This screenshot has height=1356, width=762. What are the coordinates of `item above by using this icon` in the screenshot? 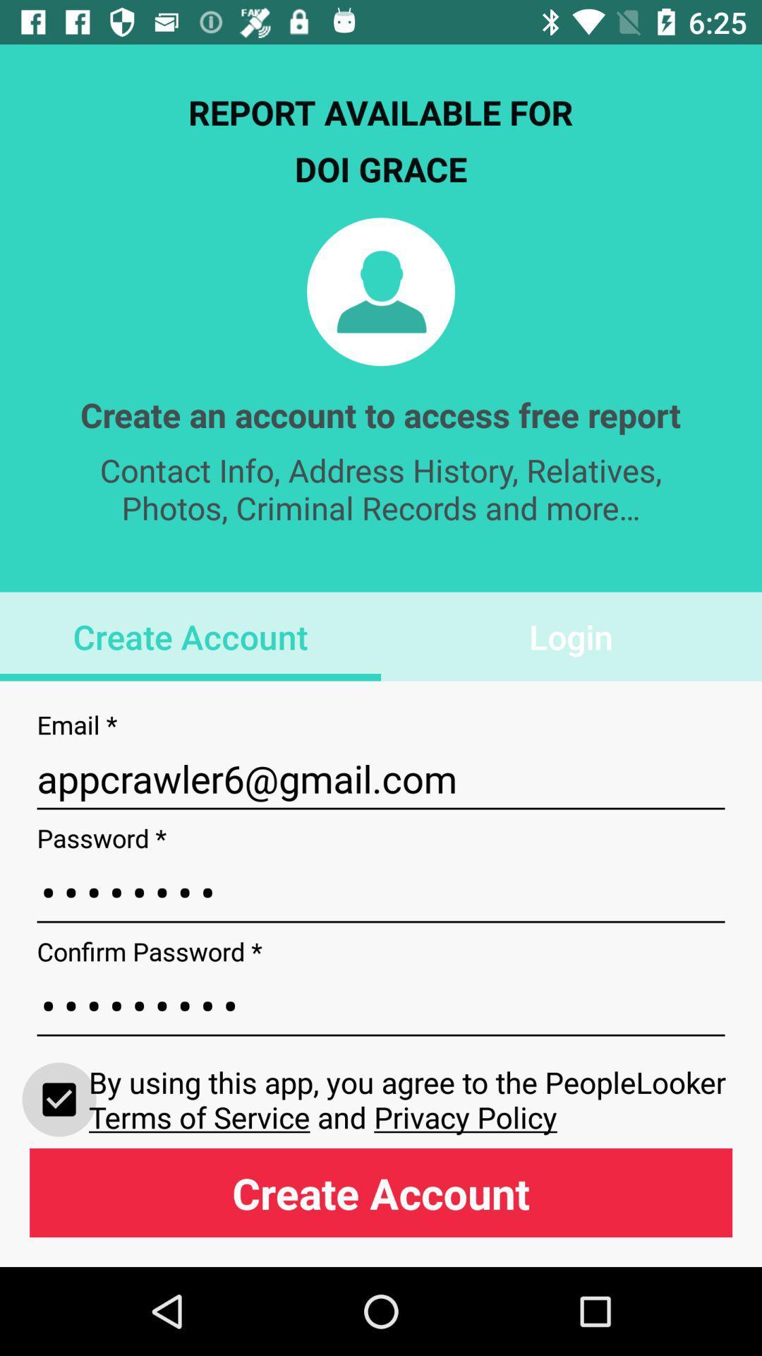 It's located at (381, 1005).